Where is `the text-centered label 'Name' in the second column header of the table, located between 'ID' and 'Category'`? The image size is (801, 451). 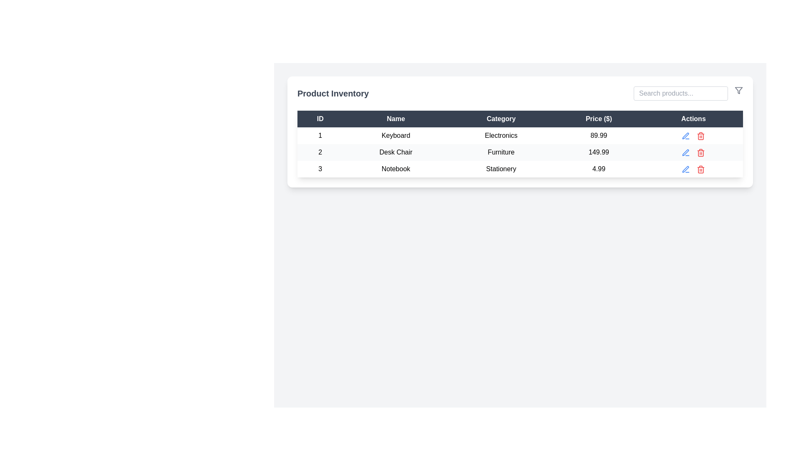 the text-centered label 'Name' in the second column header of the table, located between 'ID' and 'Category' is located at coordinates (395, 119).